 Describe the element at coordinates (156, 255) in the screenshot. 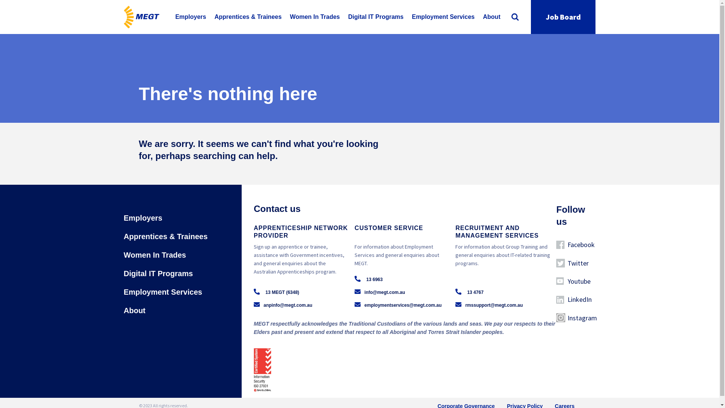

I see `'Women In Trades'` at that location.